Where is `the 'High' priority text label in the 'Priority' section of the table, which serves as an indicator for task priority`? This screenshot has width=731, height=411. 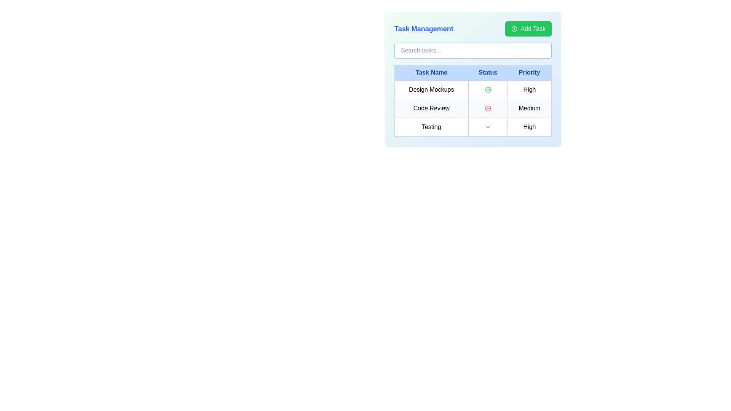
the 'High' priority text label in the 'Priority' section of the table, which serves as an indicator for task priority is located at coordinates (529, 127).